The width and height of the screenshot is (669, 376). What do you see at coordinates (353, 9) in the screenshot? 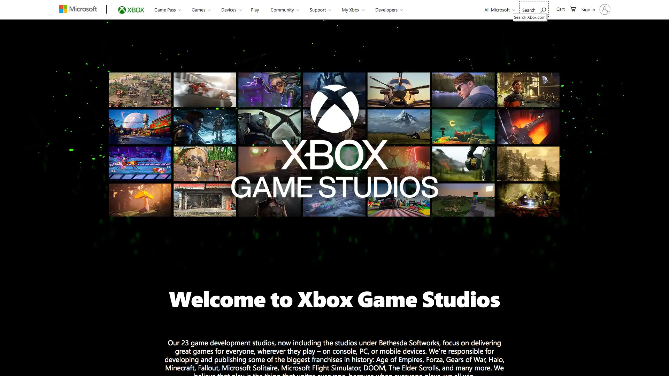
I see `My Xbox` at bounding box center [353, 9].